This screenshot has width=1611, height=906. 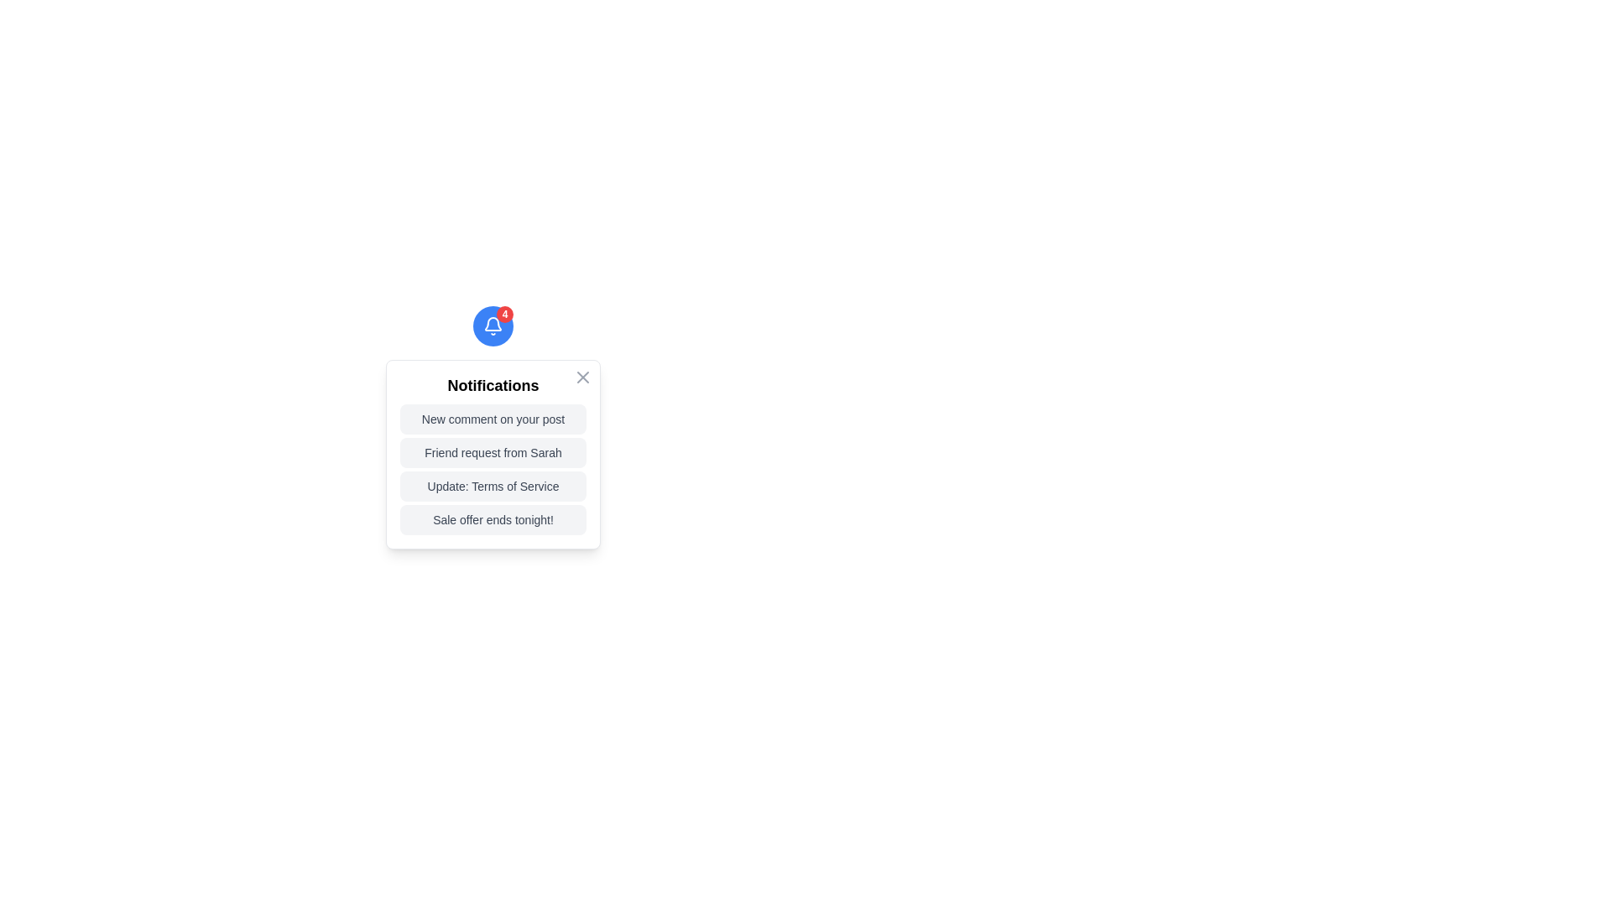 What do you see at coordinates (493, 326) in the screenshot?
I see `the blue circular icon button in the notification section` at bounding box center [493, 326].